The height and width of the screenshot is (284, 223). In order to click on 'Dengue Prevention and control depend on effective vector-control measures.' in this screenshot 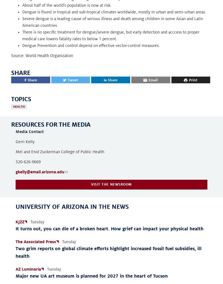, I will do `click(22, 45)`.